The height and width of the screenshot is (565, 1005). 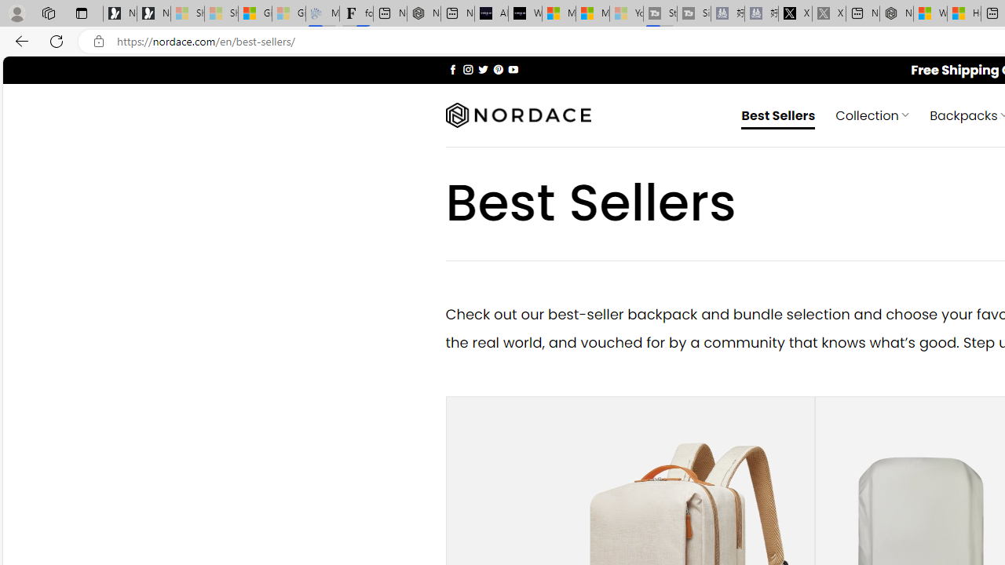 I want to click on 'Follow on Twitter', so click(x=482, y=68).